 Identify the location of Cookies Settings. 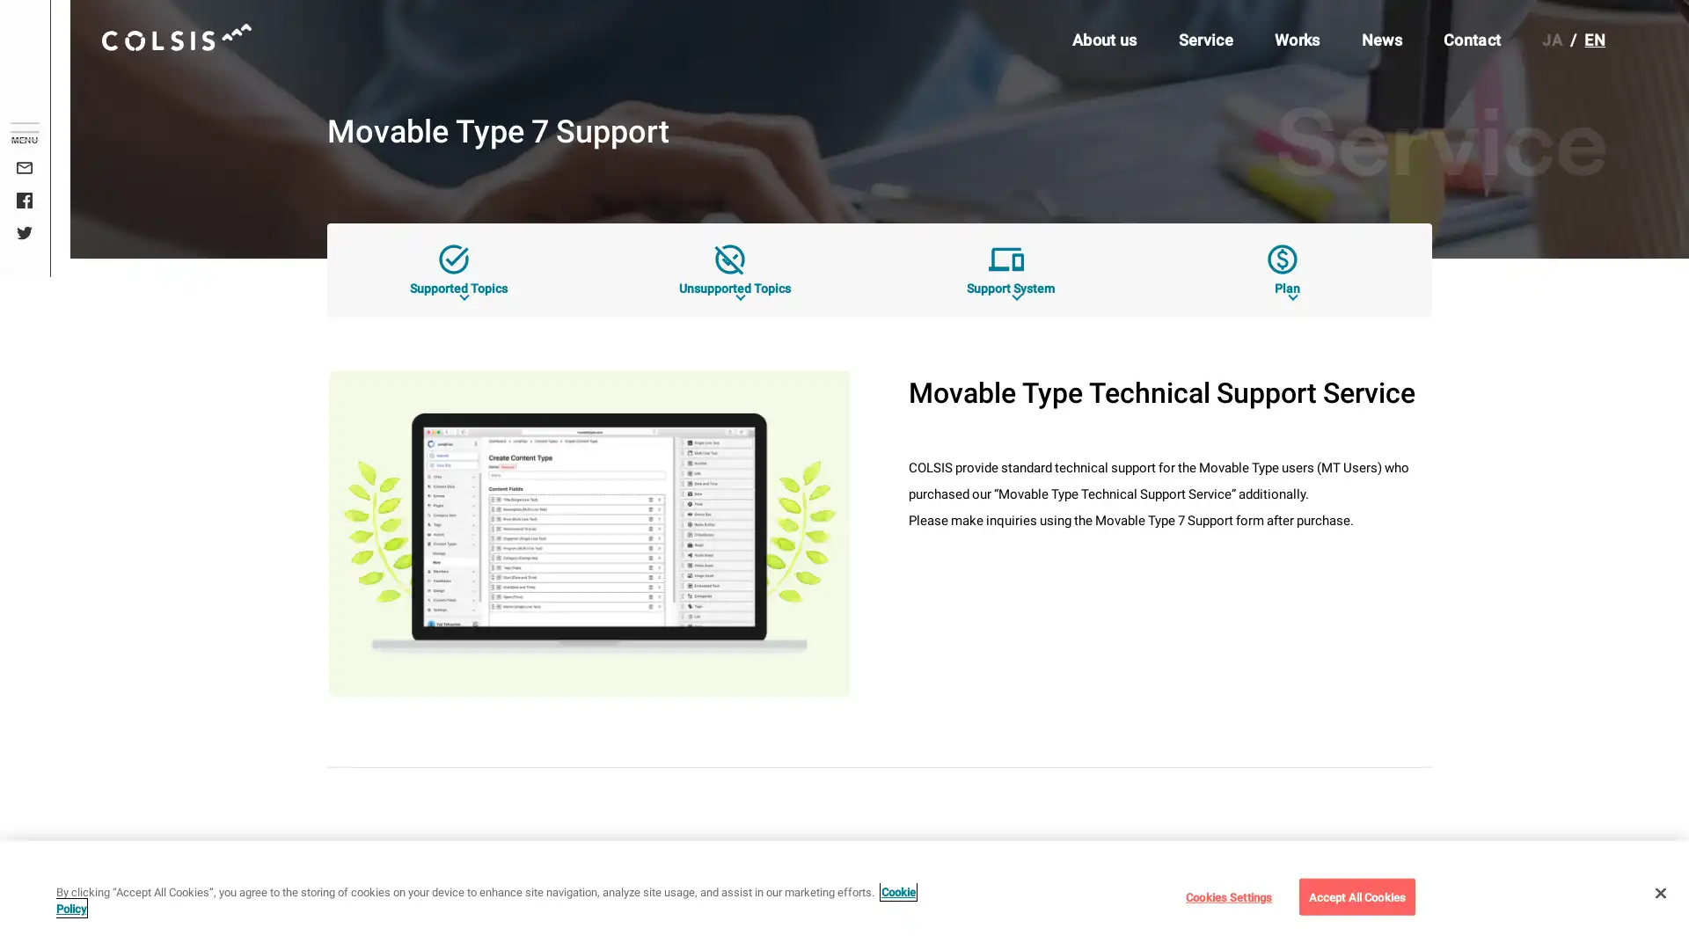
(1227, 895).